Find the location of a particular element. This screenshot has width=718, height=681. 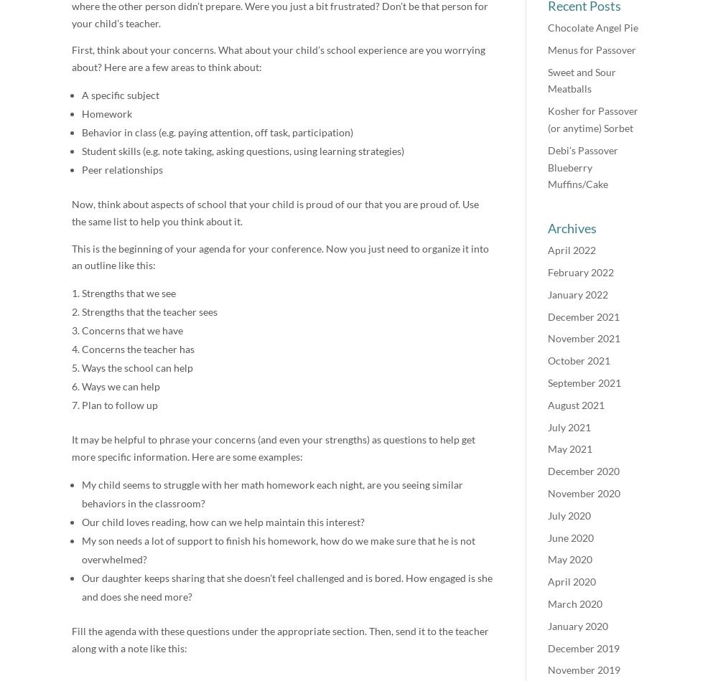

'It may be helpful to phrase your concerns (and even your strengths) as questions to help get more specific information. Here are some examples:' is located at coordinates (274, 447).